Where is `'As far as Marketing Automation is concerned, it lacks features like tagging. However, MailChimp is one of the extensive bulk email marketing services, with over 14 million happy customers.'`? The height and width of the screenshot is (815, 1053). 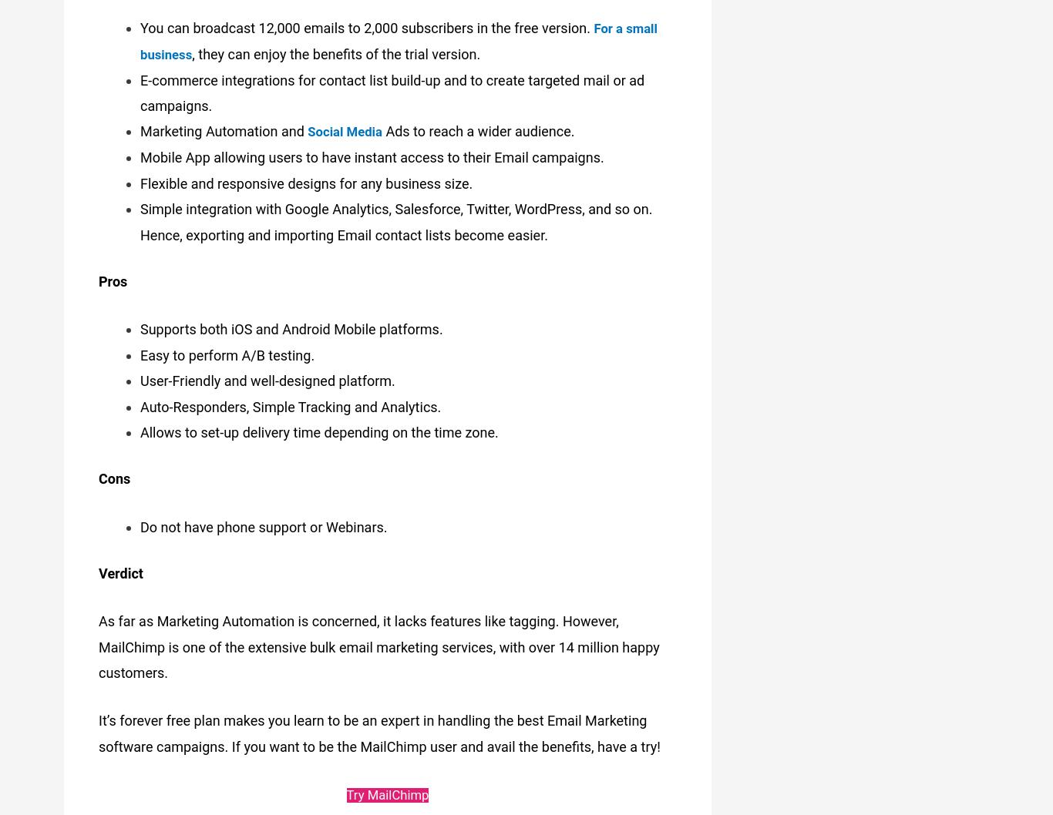
'As far as Marketing Automation is concerned, it lacks features like tagging. However, MailChimp is one of the extensive bulk email marketing services, with over 14 million happy customers.' is located at coordinates (378, 640).